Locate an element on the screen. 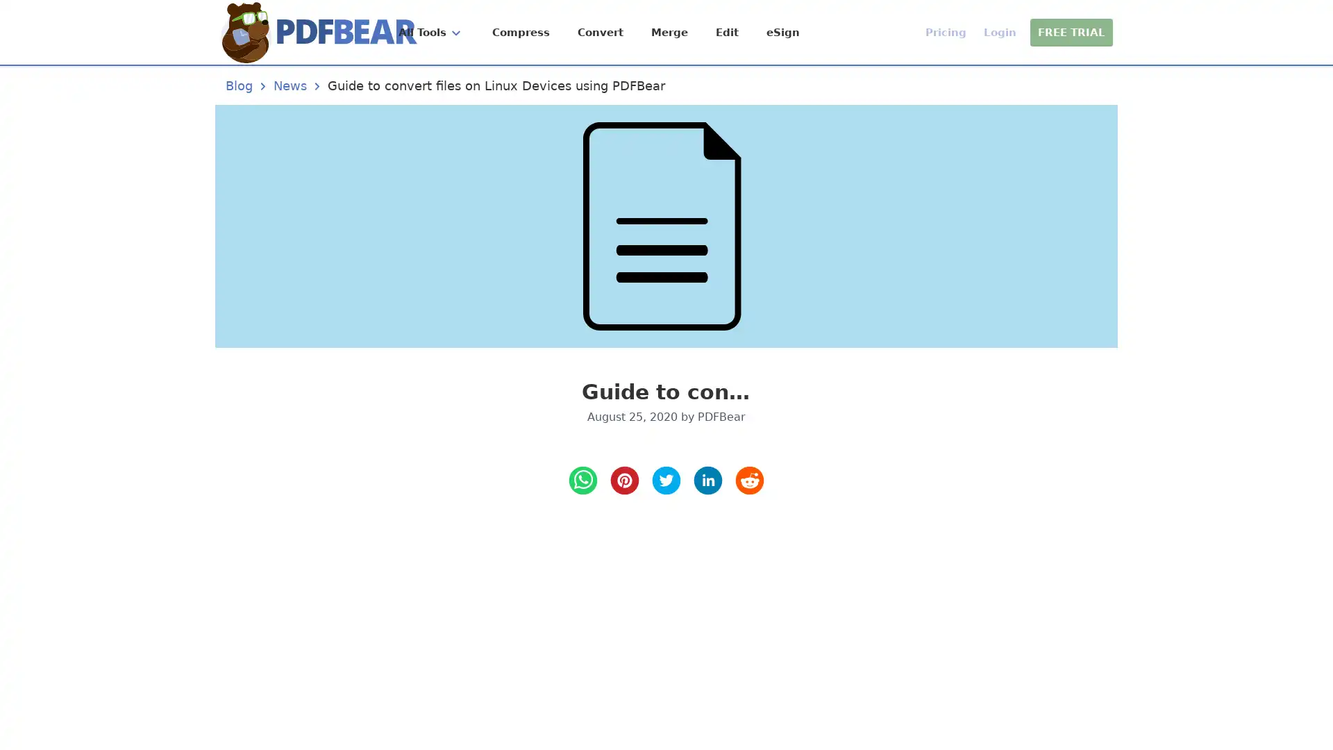 The width and height of the screenshot is (1333, 750). Blog is located at coordinates (239, 85).